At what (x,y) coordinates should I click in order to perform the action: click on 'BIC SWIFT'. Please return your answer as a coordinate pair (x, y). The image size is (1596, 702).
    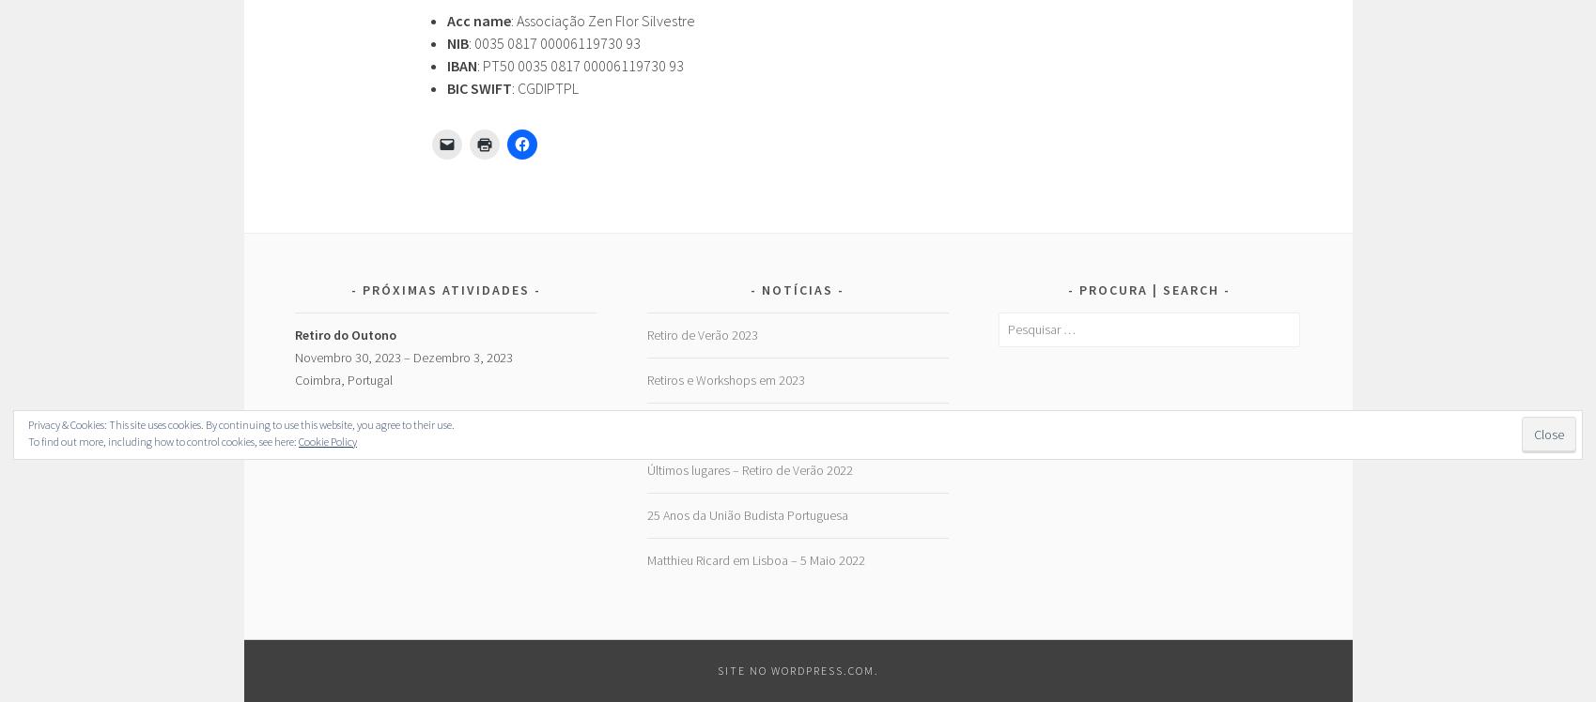
    Looking at the image, I should click on (477, 85).